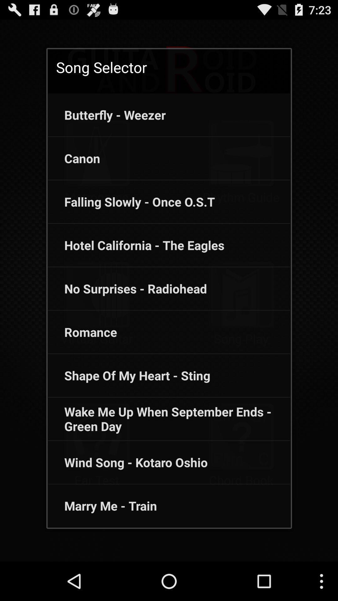 The width and height of the screenshot is (338, 601). Describe the element at coordinates (106, 115) in the screenshot. I see `item below the song selector item` at that location.